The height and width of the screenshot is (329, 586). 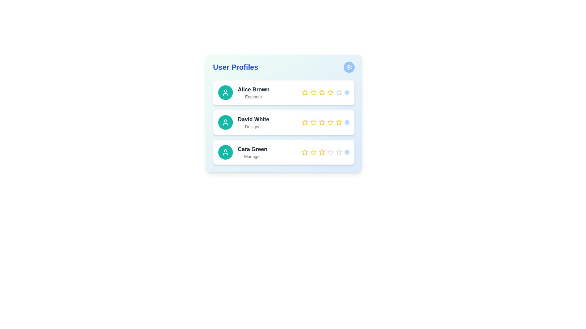 What do you see at coordinates (225, 122) in the screenshot?
I see `the circular icon with a teal background and a white user profile symbol associated with the profile of 'David White' in the user profiles list` at bounding box center [225, 122].